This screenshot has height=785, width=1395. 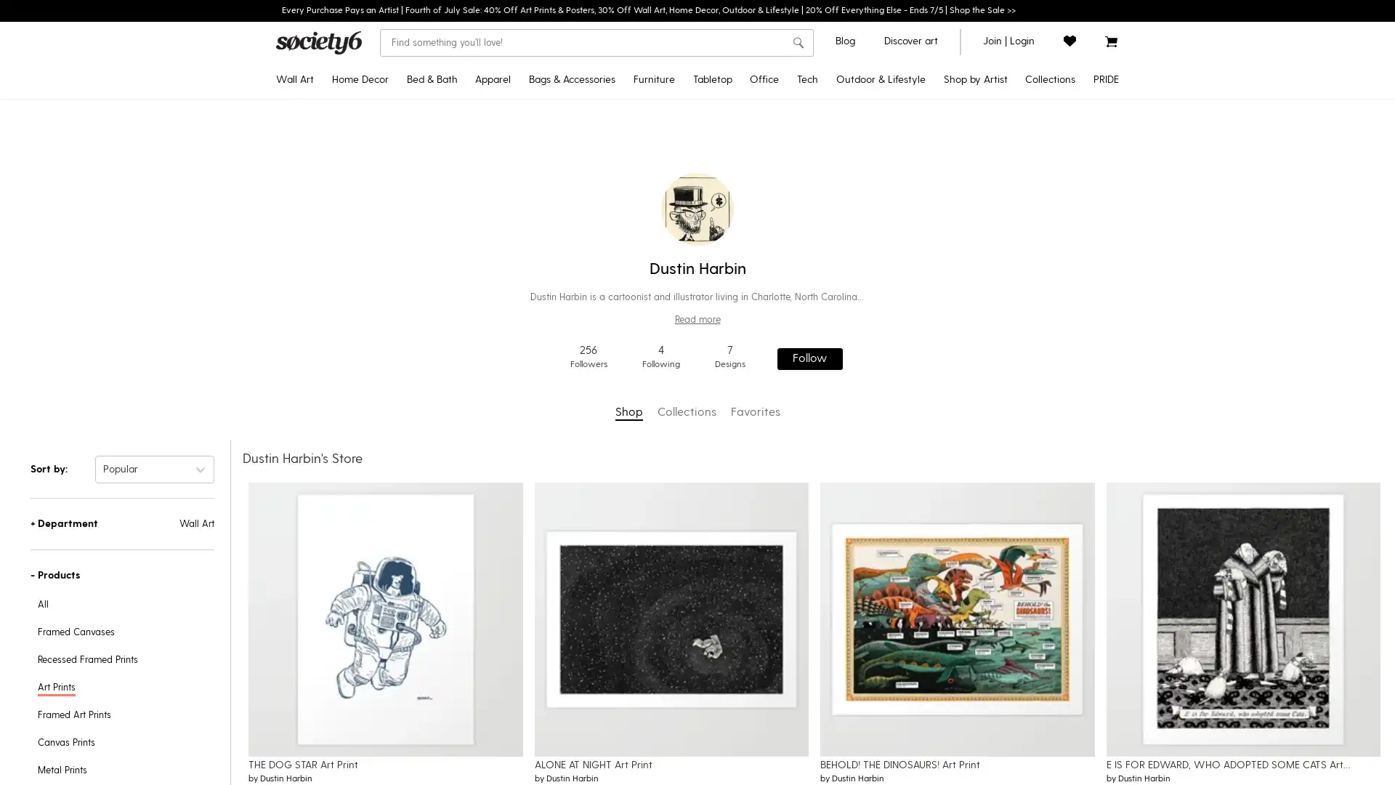 What do you see at coordinates (538, 140) in the screenshot?
I see `Crewneck Sweatshirts` at bounding box center [538, 140].